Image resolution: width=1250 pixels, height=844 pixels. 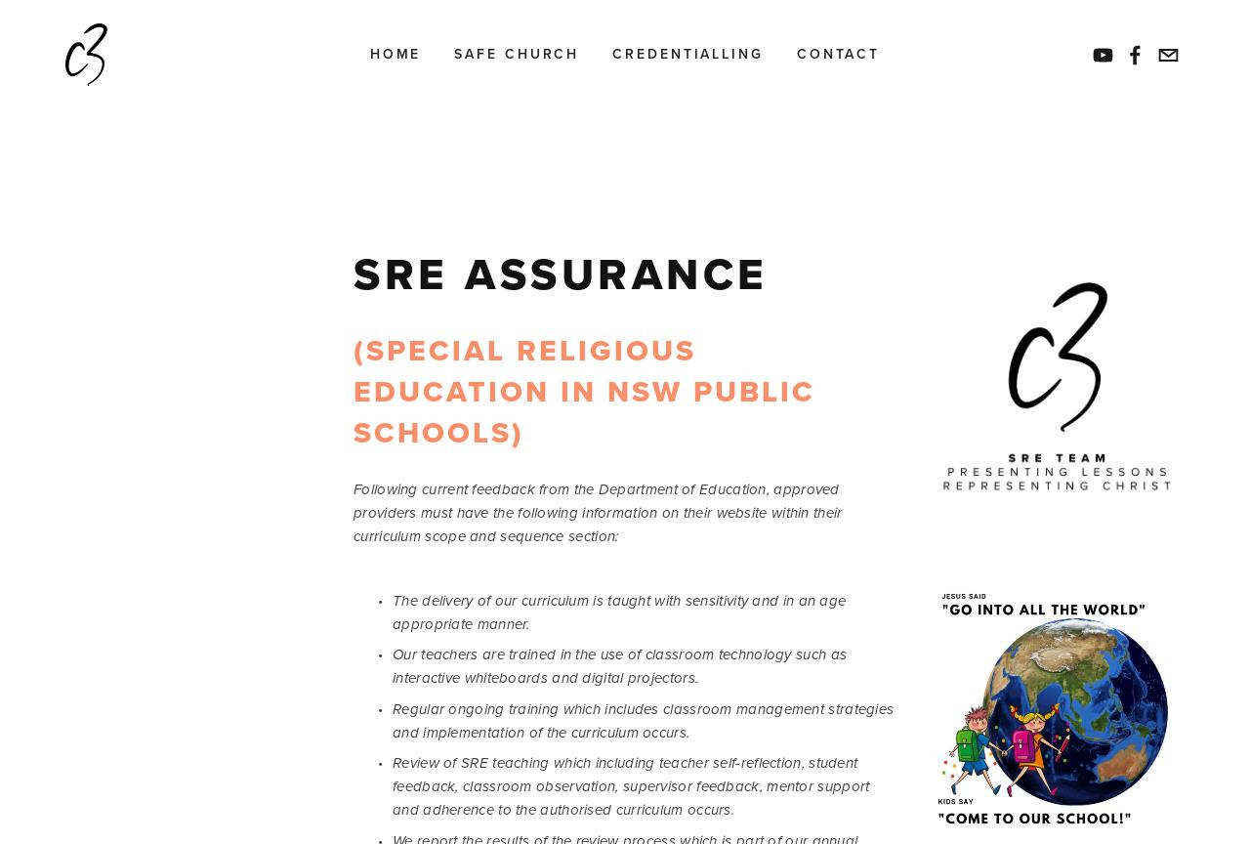 What do you see at coordinates (394, 54) in the screenshot?
I see `'Home'` at bounding box center [394, 54].